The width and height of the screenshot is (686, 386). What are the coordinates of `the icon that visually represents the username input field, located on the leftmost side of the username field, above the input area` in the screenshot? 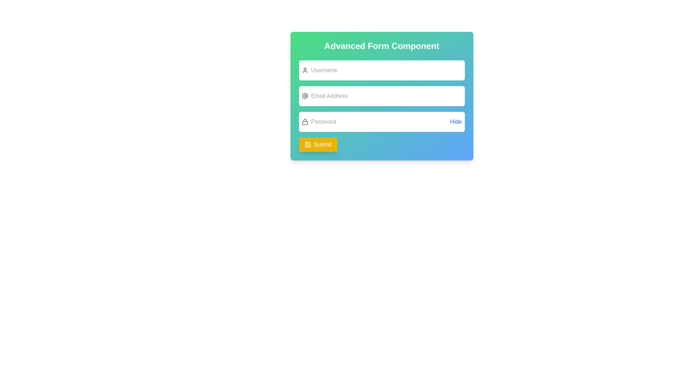 It's located at (305, 70).